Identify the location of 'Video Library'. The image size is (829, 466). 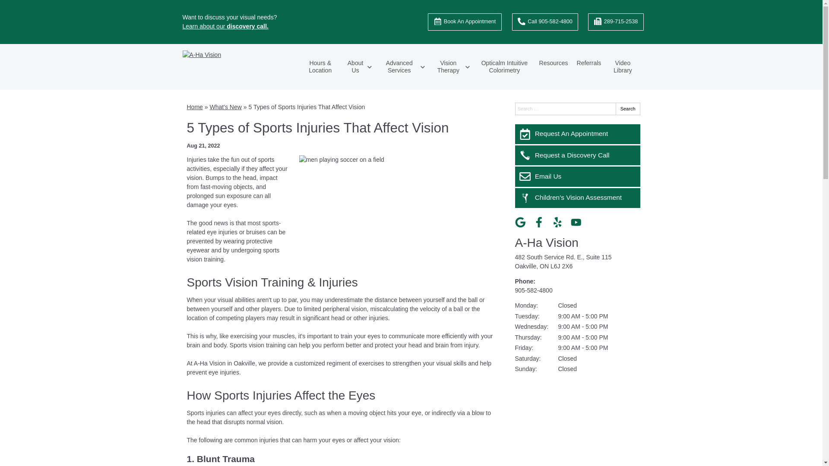
(622, 66).